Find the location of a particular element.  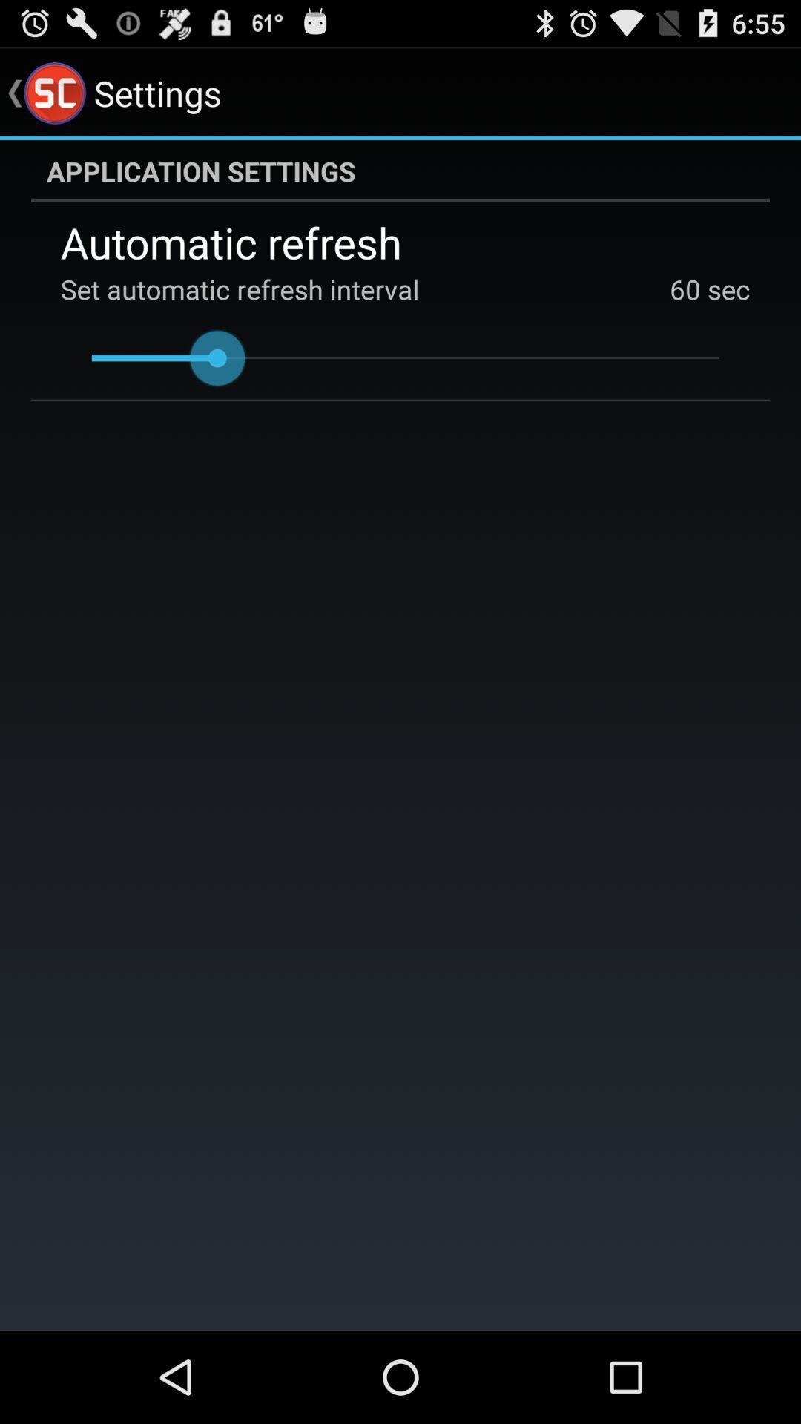

the item below set automatic refresh item is located at coordinates (405, 358).